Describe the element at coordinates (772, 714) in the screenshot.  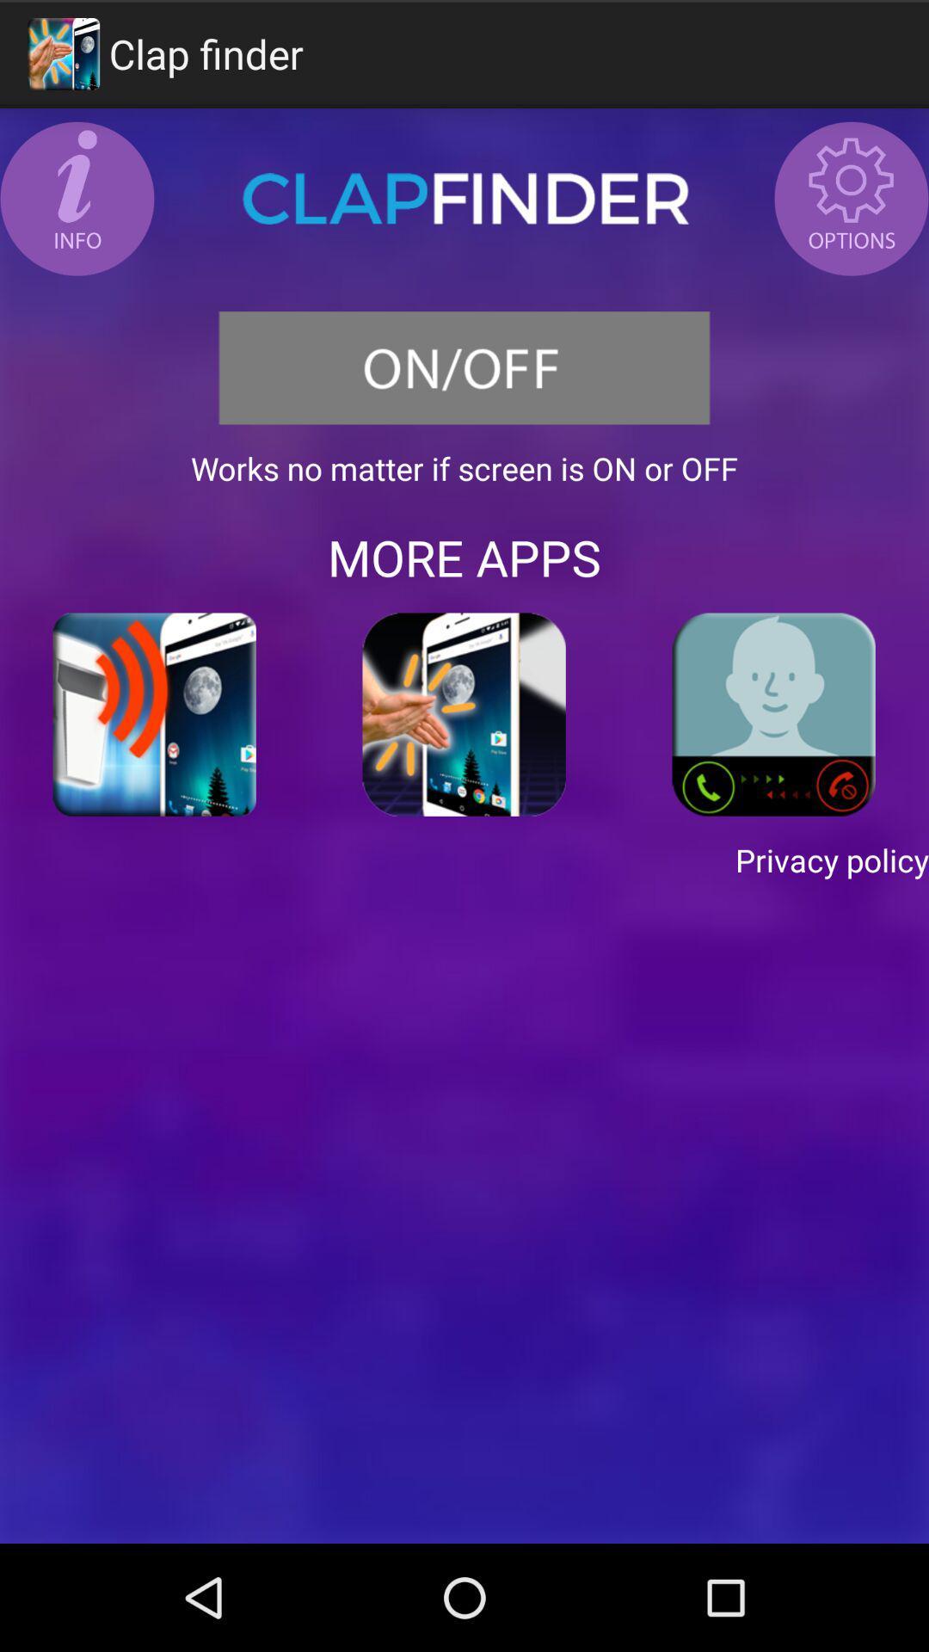
I see `the icon below more apps item` at that location.